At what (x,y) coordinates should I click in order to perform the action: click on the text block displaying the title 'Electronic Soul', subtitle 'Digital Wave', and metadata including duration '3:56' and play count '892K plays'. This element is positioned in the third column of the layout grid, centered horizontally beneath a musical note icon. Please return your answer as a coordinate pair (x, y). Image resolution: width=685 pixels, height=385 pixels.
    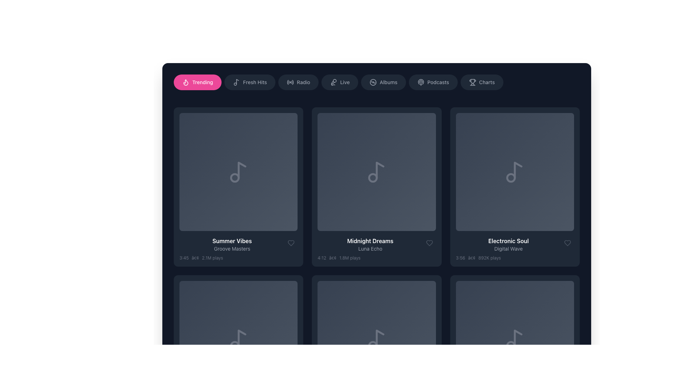
    Looking at the image, I should click on (508, 248).